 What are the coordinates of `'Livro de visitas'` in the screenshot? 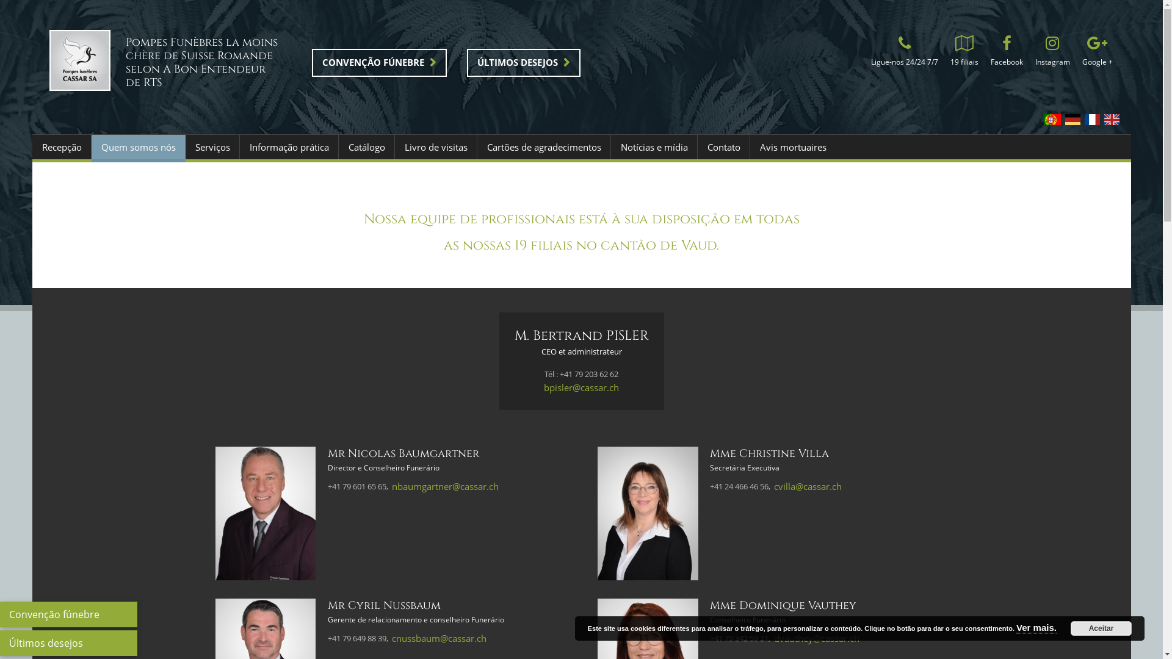 It's located at (435, 146).